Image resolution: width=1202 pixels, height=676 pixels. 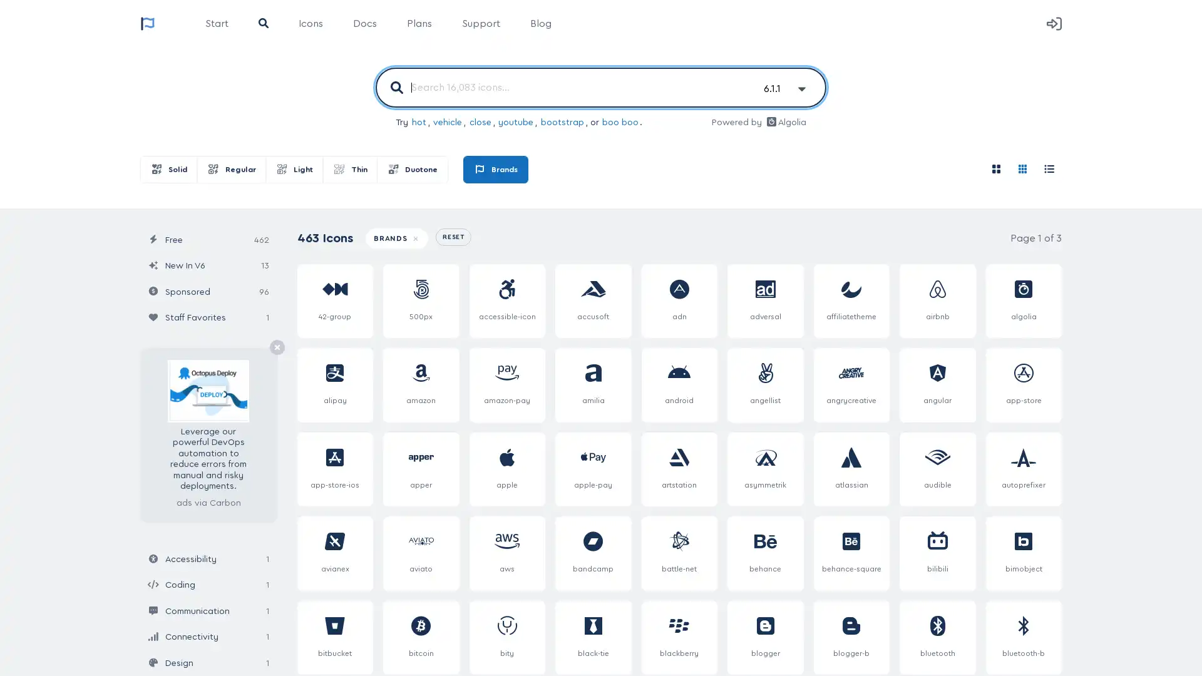 What do you see at coordinates (592, 392) in the screenshot?
I see `amilia` at bounding box center [592, 392].